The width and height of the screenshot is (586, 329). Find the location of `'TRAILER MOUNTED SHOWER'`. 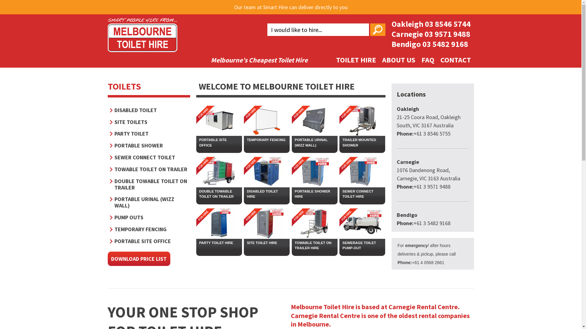

'TRAILER MOUNTED SHOWER' is located at coordinates (339, 142).